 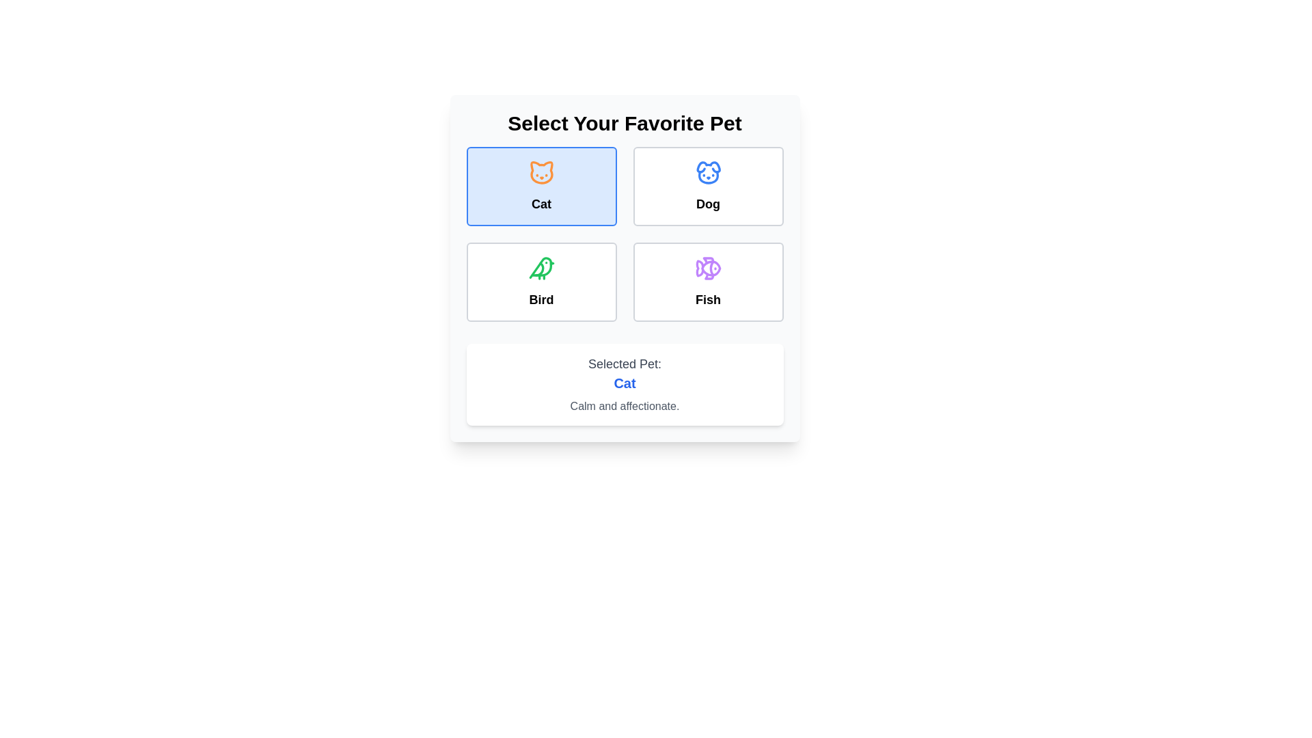 What do you see at coordinates (541, 204) in the screenshot?
I see `the text label for the cat selection option, which is located directly under the orange cat icon in the top-left box of the pet selection grid` at bounding box center [541, 204].